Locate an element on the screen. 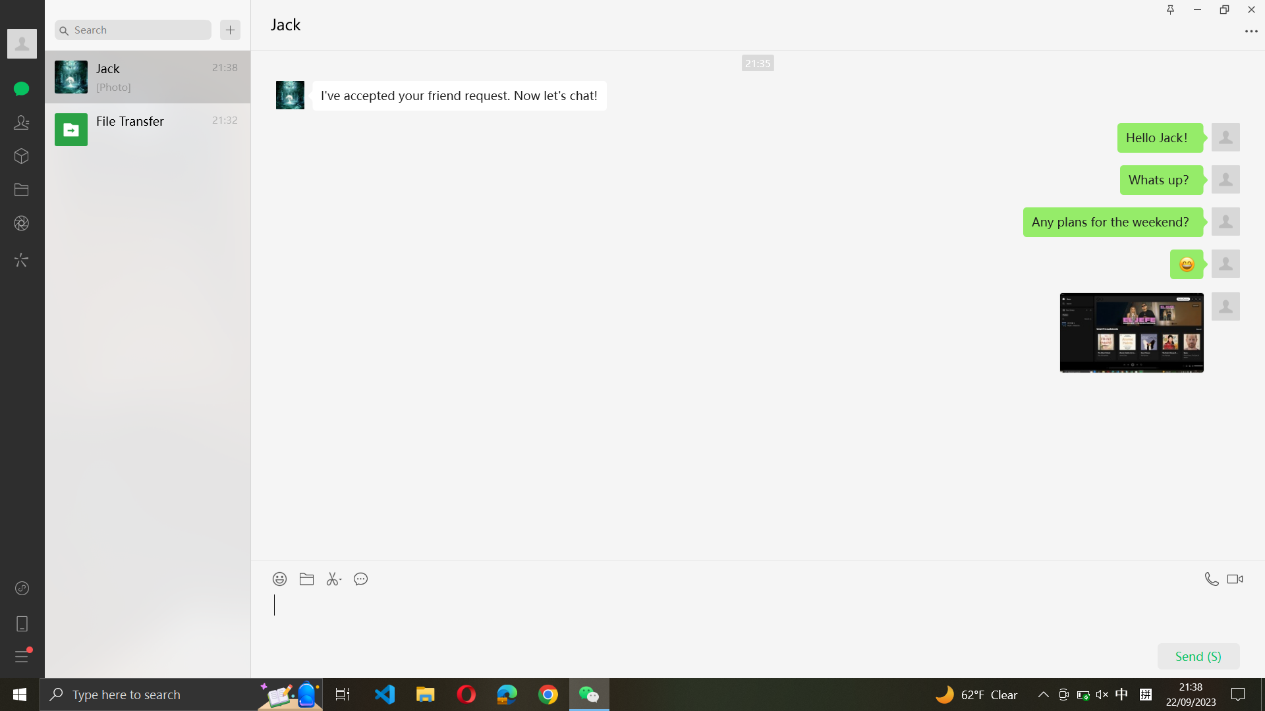 This screenshot has height=711, width=1265. the mobile category is located at coordinates (22, 622).